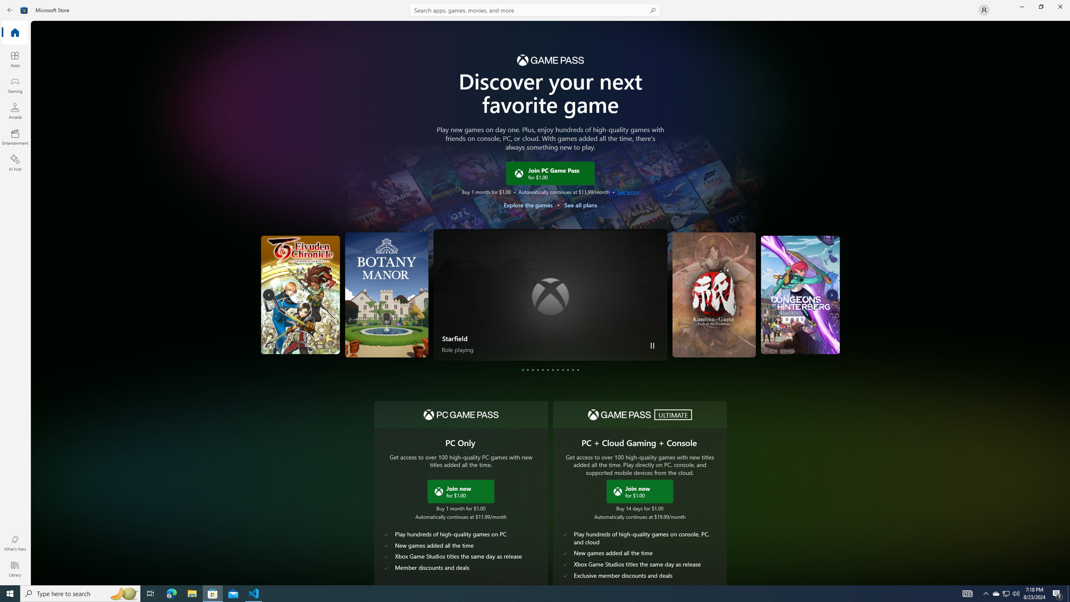 The width and height of the screenshot is (1070, 602). What do you see at coordinates (580, 205) in the screenshot?
I see `'See all plans'` at bounding box center [580, 205].